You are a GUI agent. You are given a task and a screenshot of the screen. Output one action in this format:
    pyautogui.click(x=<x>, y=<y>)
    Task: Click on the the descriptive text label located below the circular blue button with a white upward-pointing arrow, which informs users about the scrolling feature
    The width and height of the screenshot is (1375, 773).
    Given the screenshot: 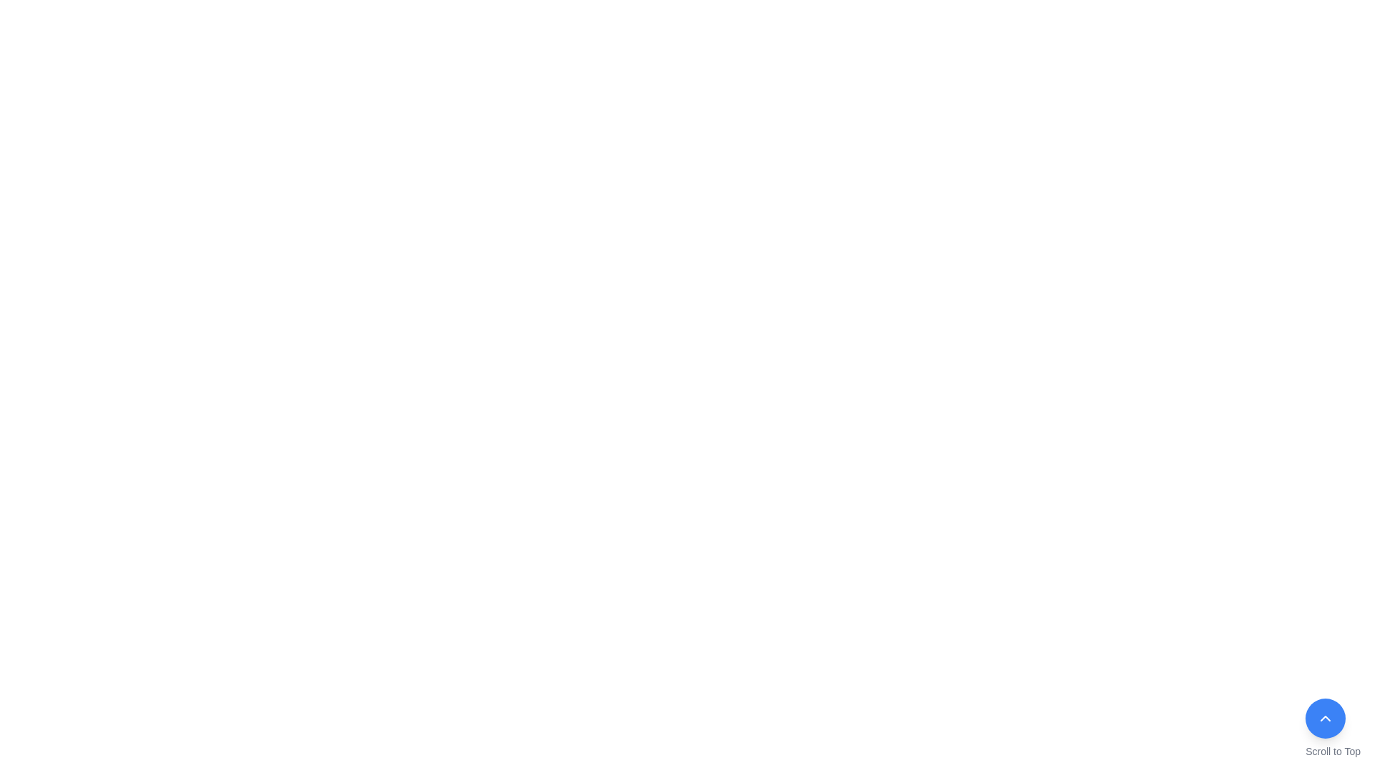 What is the action you would take?
    pyautogui.click(x=1332, y=750)
    